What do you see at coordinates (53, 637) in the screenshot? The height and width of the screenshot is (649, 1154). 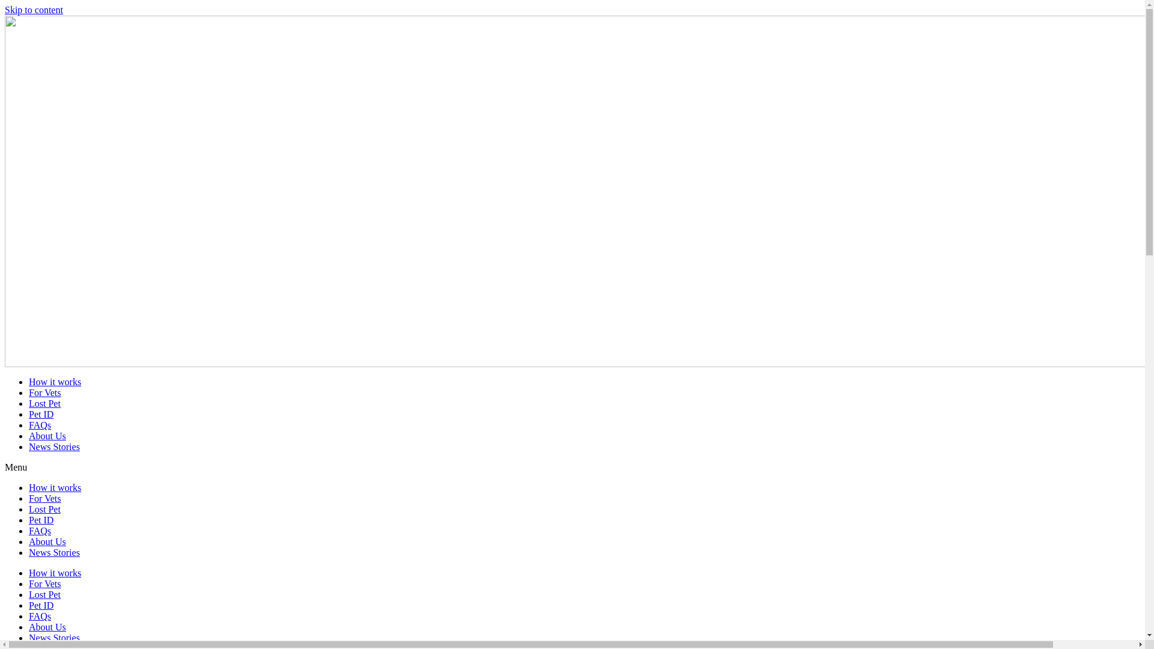 I see `'News Stories'` at bounding box center [53, 637].